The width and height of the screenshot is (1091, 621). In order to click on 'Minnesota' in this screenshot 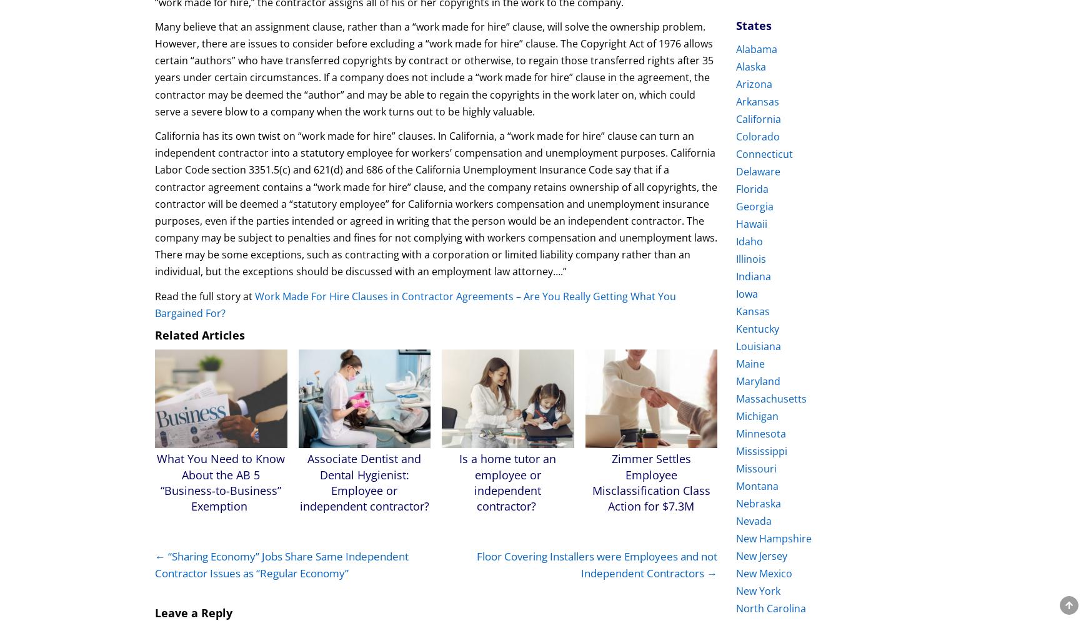, I will do `click(761, 434)`.